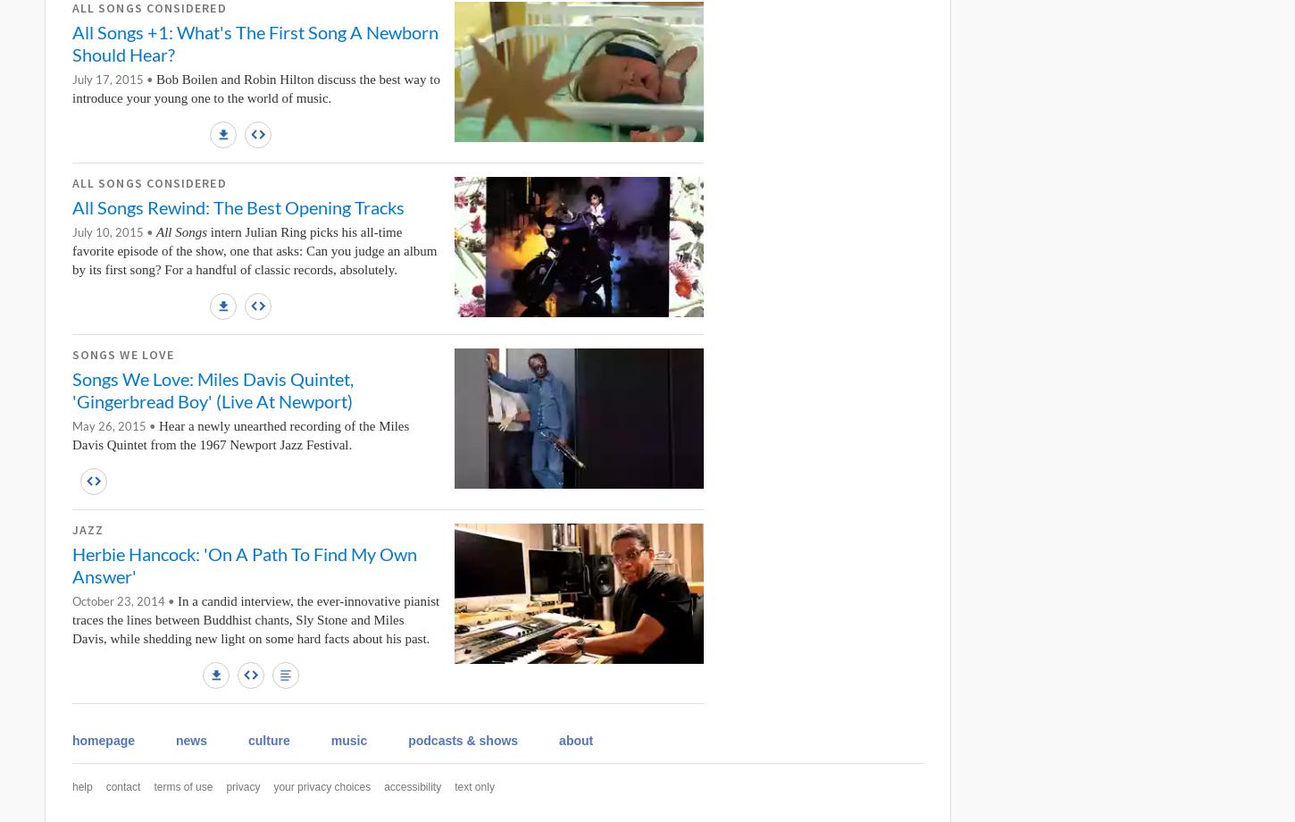  Describe the element at coordinates (72, 425) in the screenshot. I see `'May 26, 2015 •'` at that location.